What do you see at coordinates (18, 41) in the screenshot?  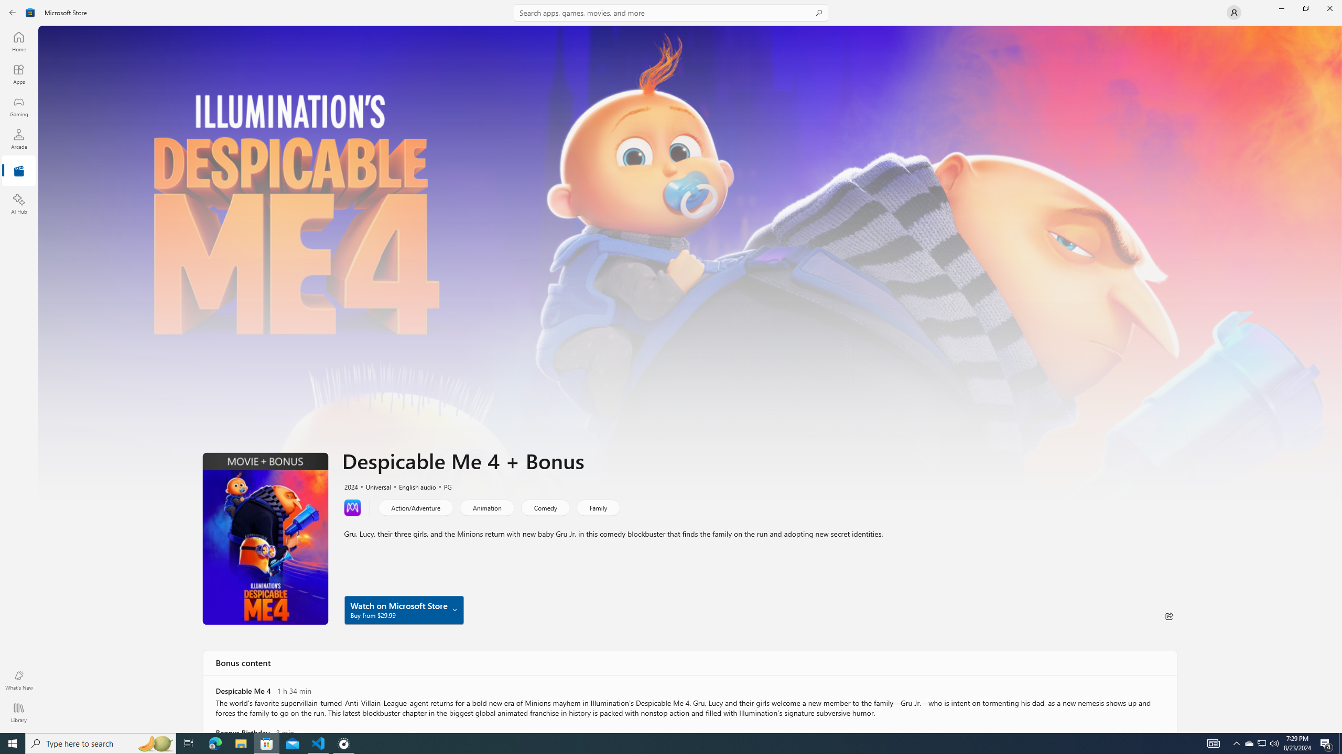 I see `'Home'` at bounding box center [18, 41].